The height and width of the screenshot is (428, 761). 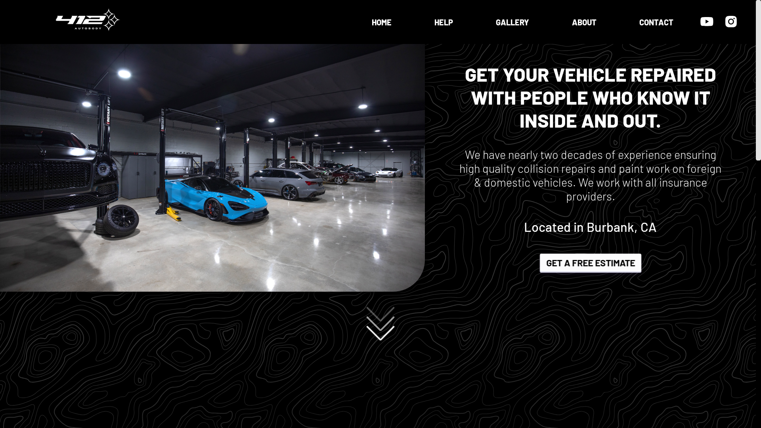 I want to click on 'GET A FREE ESTIMATE', so click(x=590, y=263).